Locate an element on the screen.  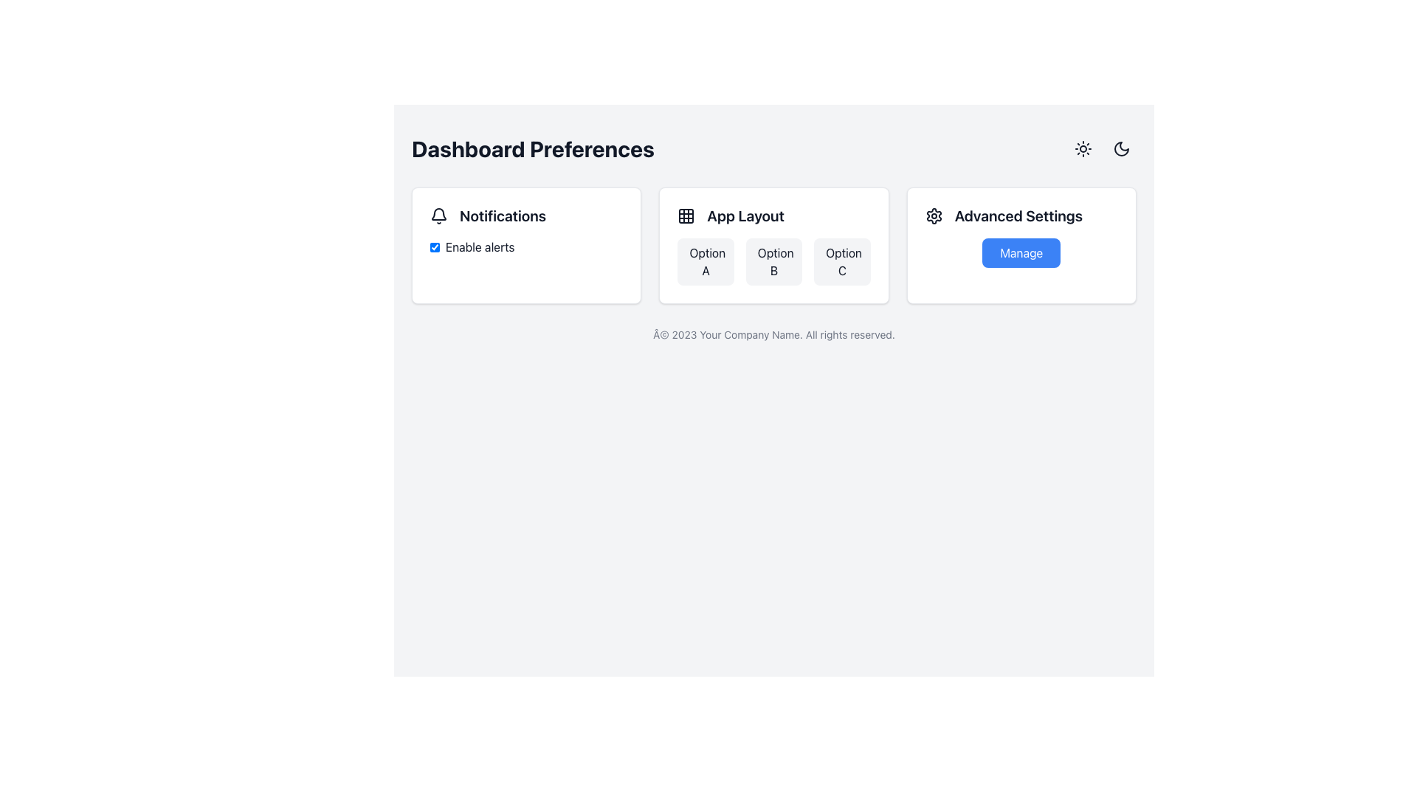
the Icon Button located in the top-right corner of the interface, next to the sun icon is located at coordinates (1122, 148).